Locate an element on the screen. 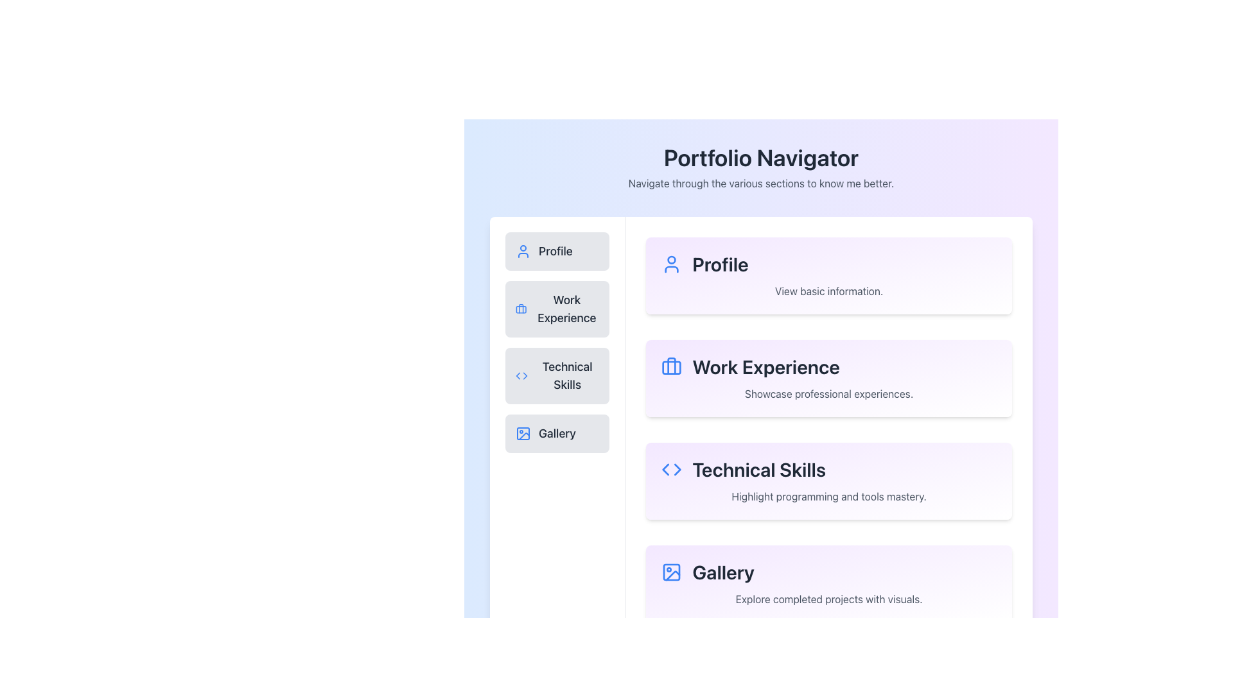  the descriptive guidance text located below the 'Portfolio Navigator' header, which serves as an explanatory subtitle for the main header is located at coordinates (761, 183).